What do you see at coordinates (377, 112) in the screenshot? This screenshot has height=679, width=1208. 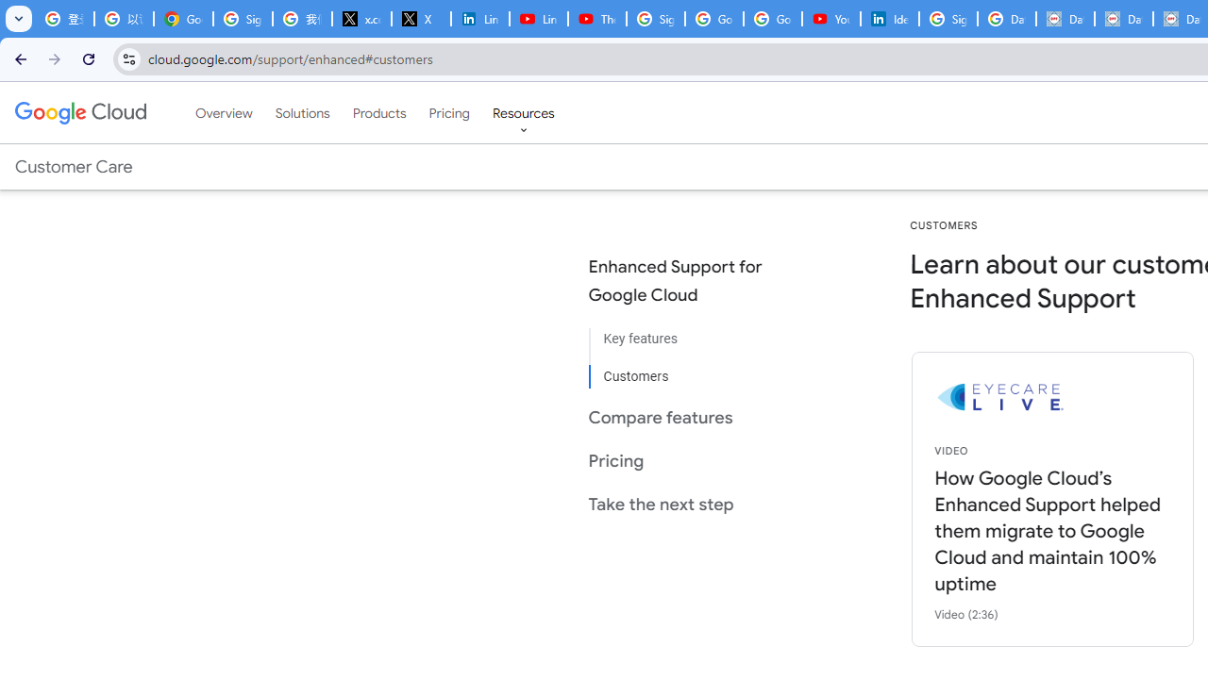 I see `'Products'` at bounding box center [377, 112].